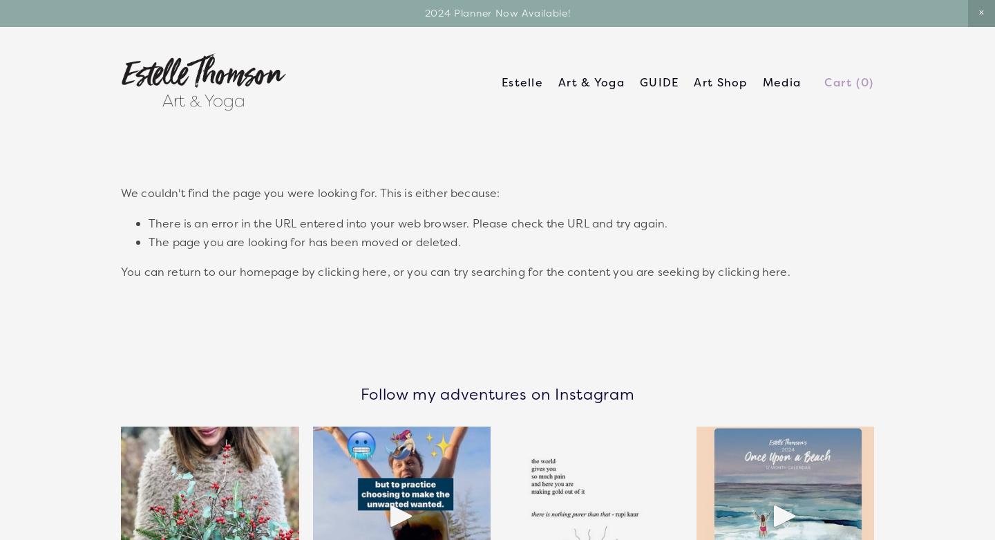  Describe the element at coordinates (304, 241) in the screenshot. I see `'The page you are looking for has been moved or deleted.'` at that location.